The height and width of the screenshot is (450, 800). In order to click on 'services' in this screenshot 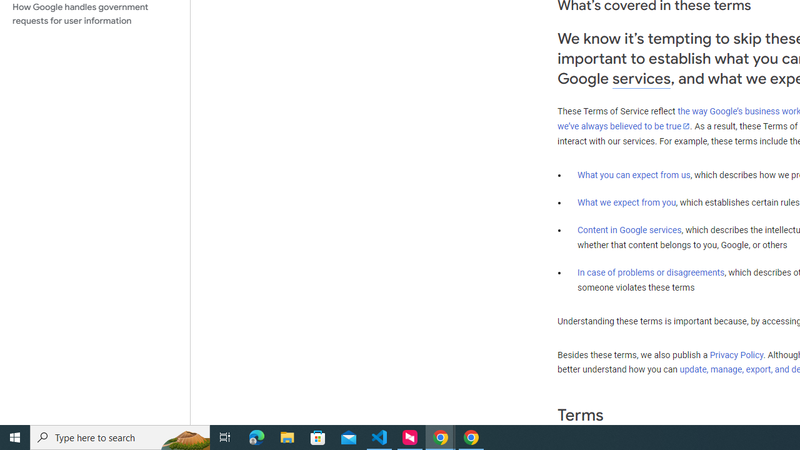, I will do `click(641, 78)`.